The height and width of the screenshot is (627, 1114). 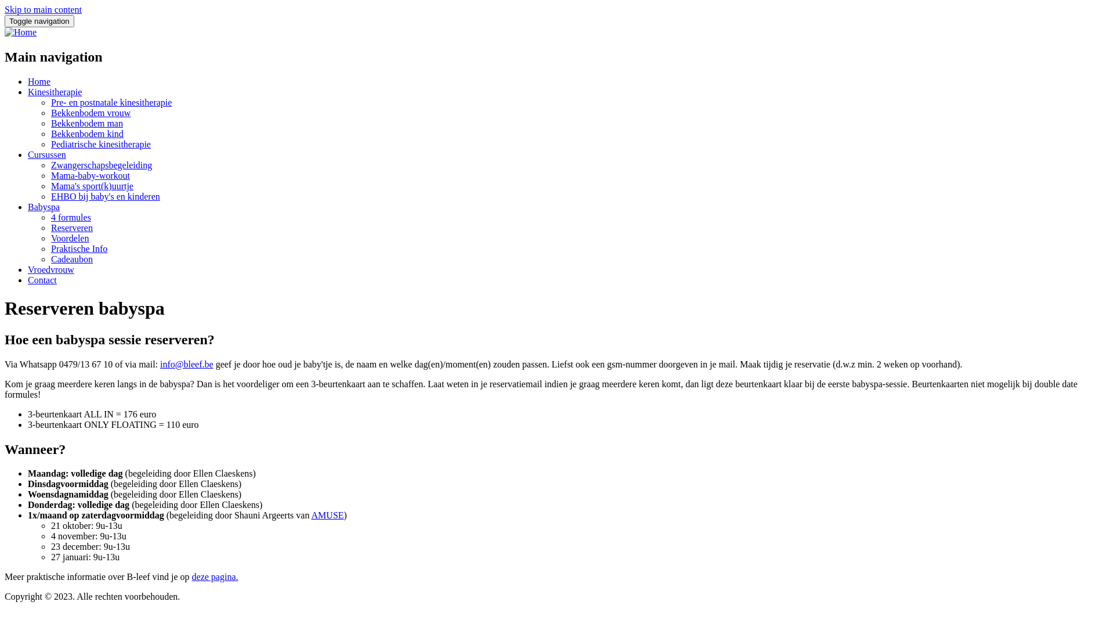 I want to click on 'Praktische Info', so click(x=78, y=248).